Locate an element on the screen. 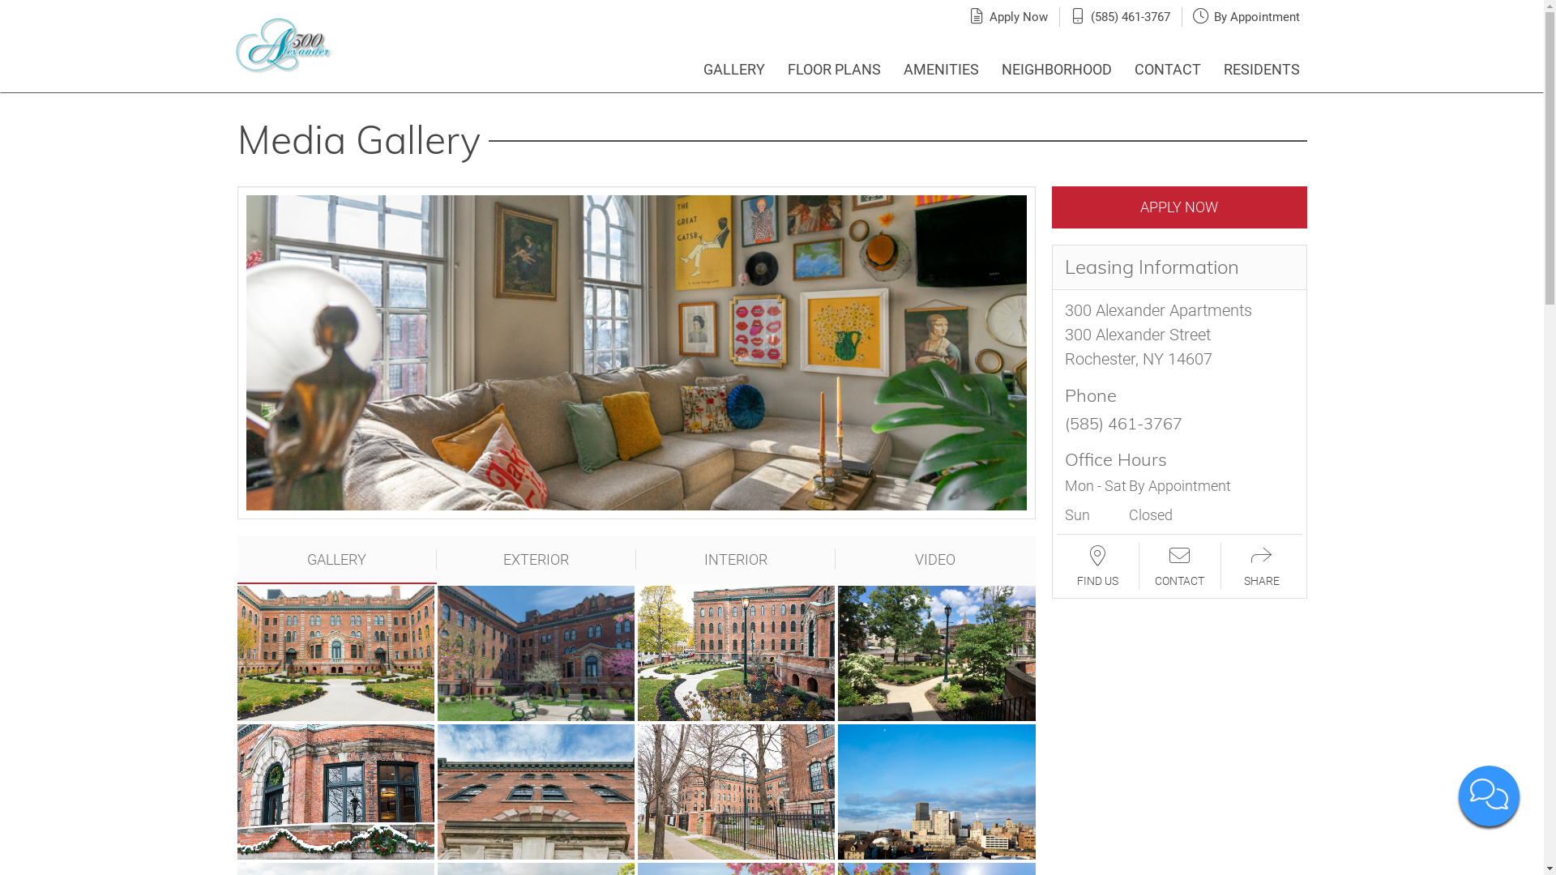  'GALLERY' is located at coordinates (733, 62).